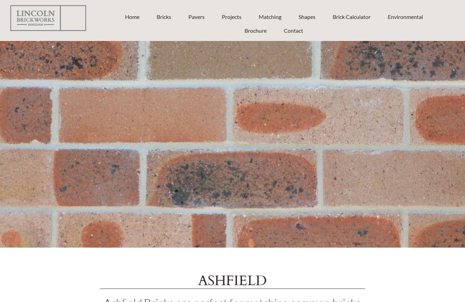  What do you see at coordinates (255, 30) in the screenshot?
I see `'Brochure'` at bounding box center [255, 30].